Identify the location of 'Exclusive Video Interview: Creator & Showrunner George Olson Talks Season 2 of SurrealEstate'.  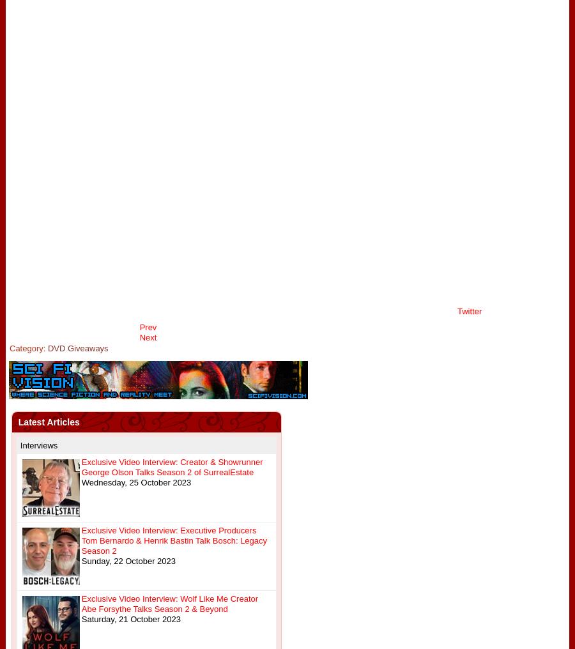
(80, 467).